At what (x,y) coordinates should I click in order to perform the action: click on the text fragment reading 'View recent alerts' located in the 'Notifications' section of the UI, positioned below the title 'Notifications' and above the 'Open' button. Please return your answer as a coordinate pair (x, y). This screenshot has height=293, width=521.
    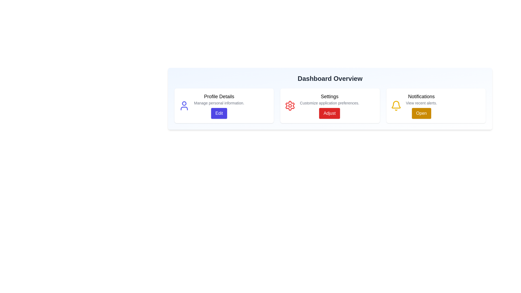
    Looking at the image, I should click on (421, 103).